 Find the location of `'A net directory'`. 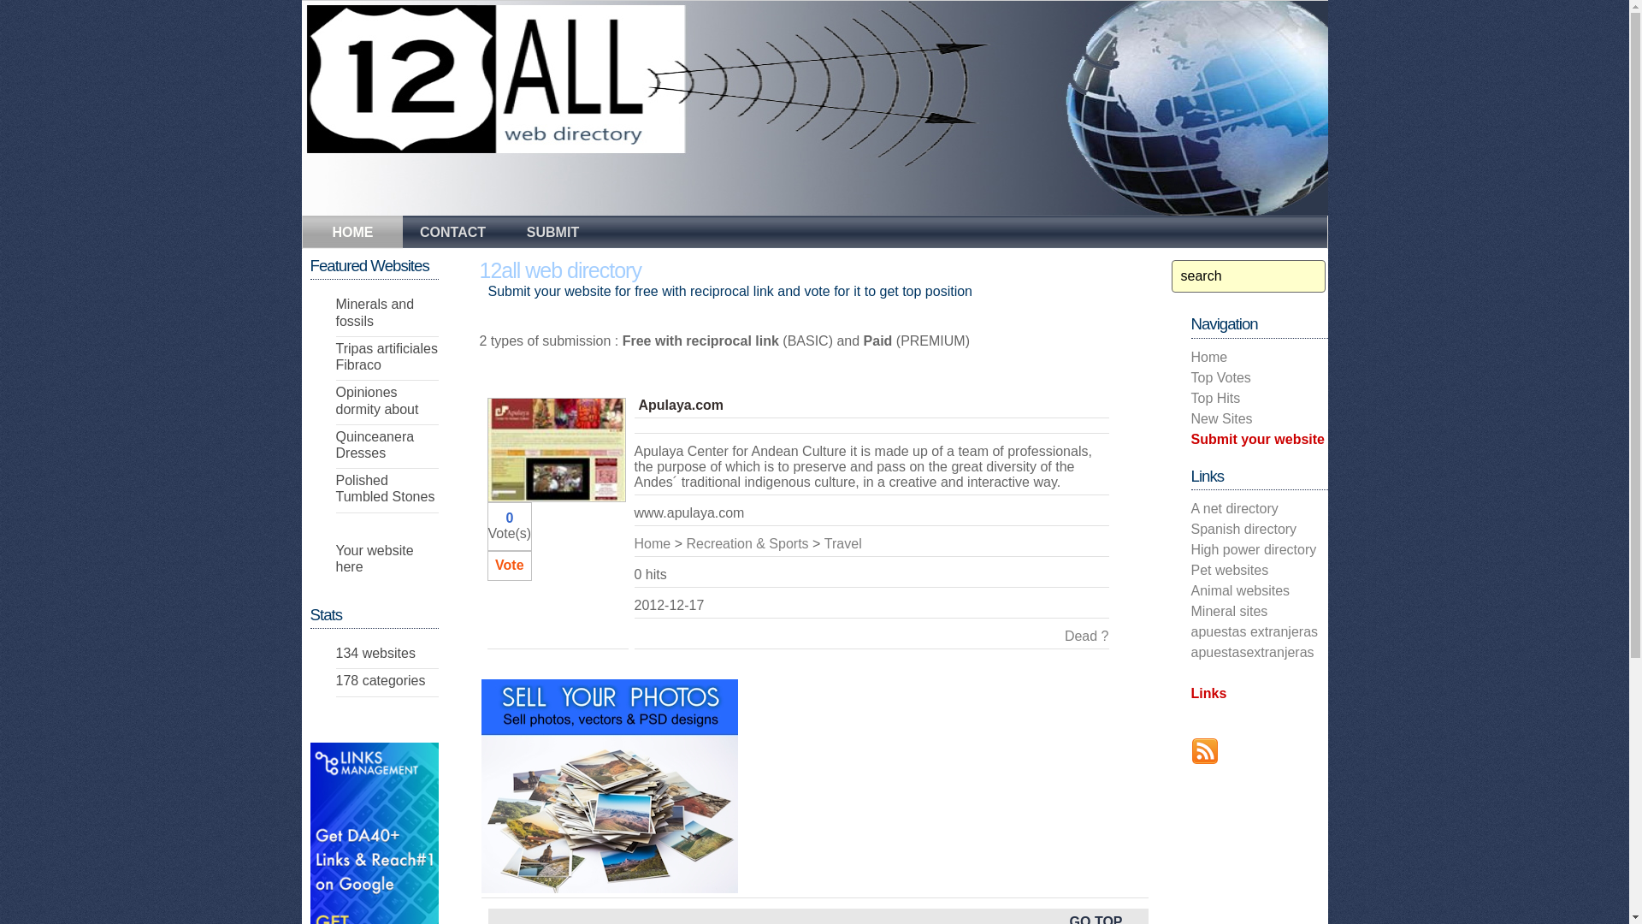

'A net directory' is located at coordinates (1234, 507).